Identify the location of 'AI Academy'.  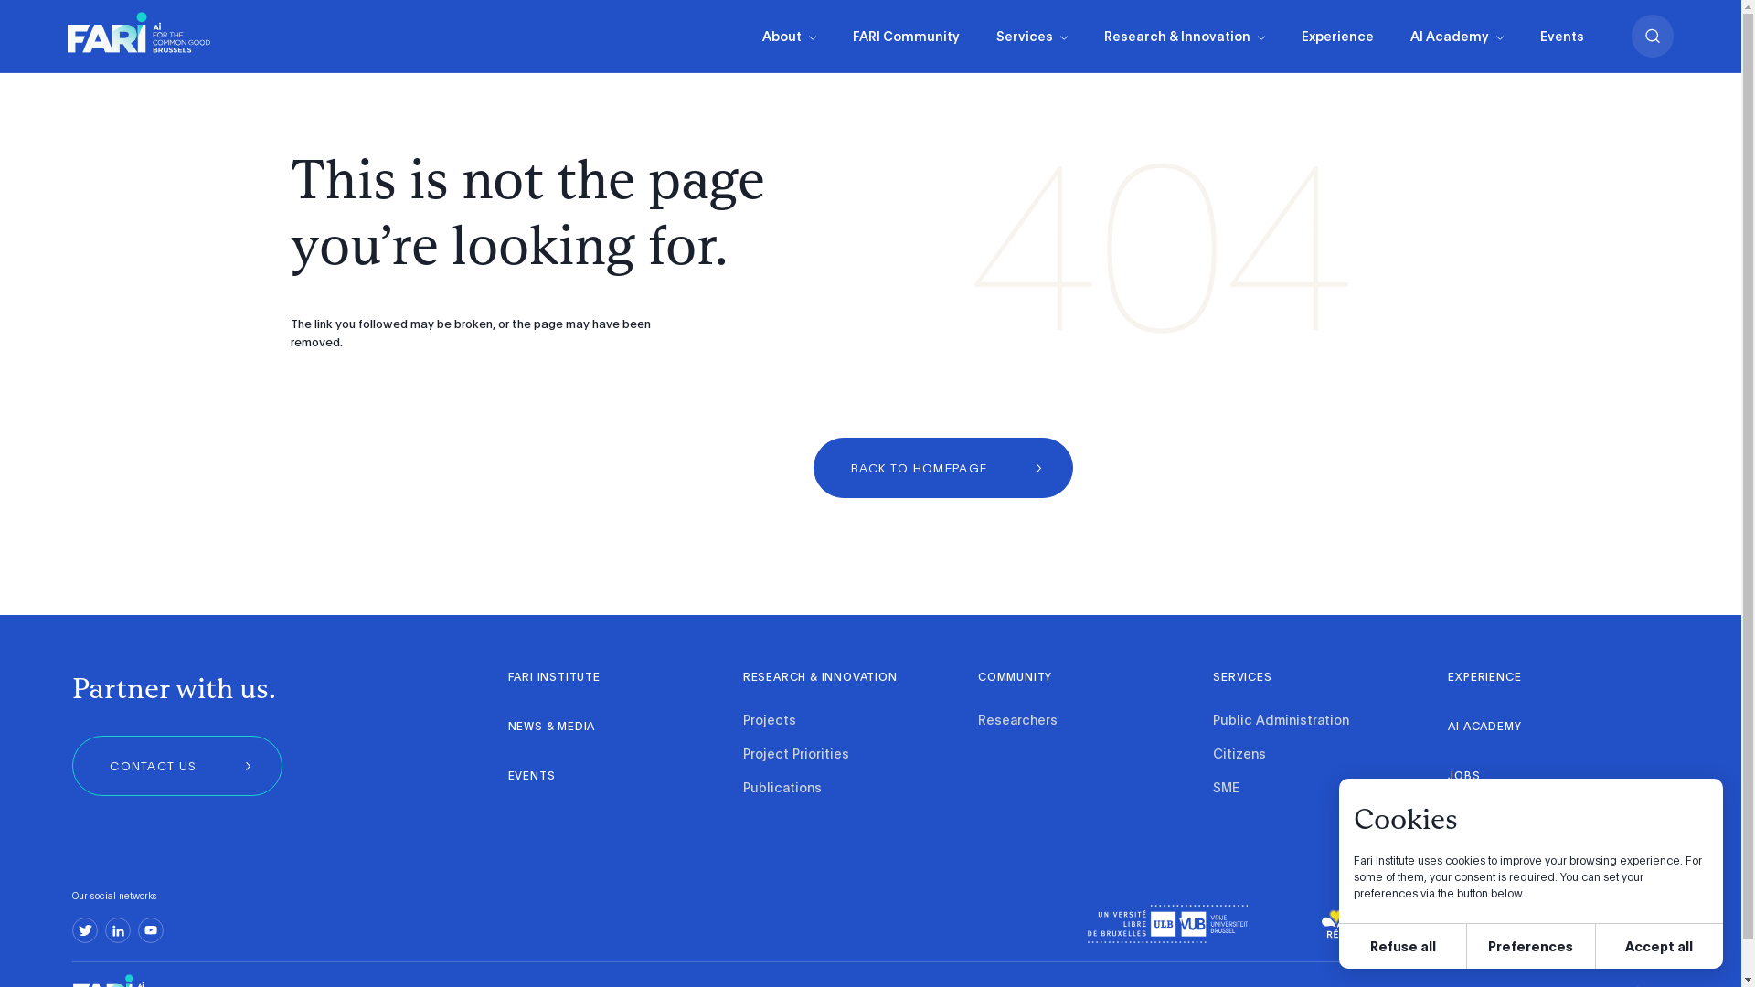
(1455, 36).